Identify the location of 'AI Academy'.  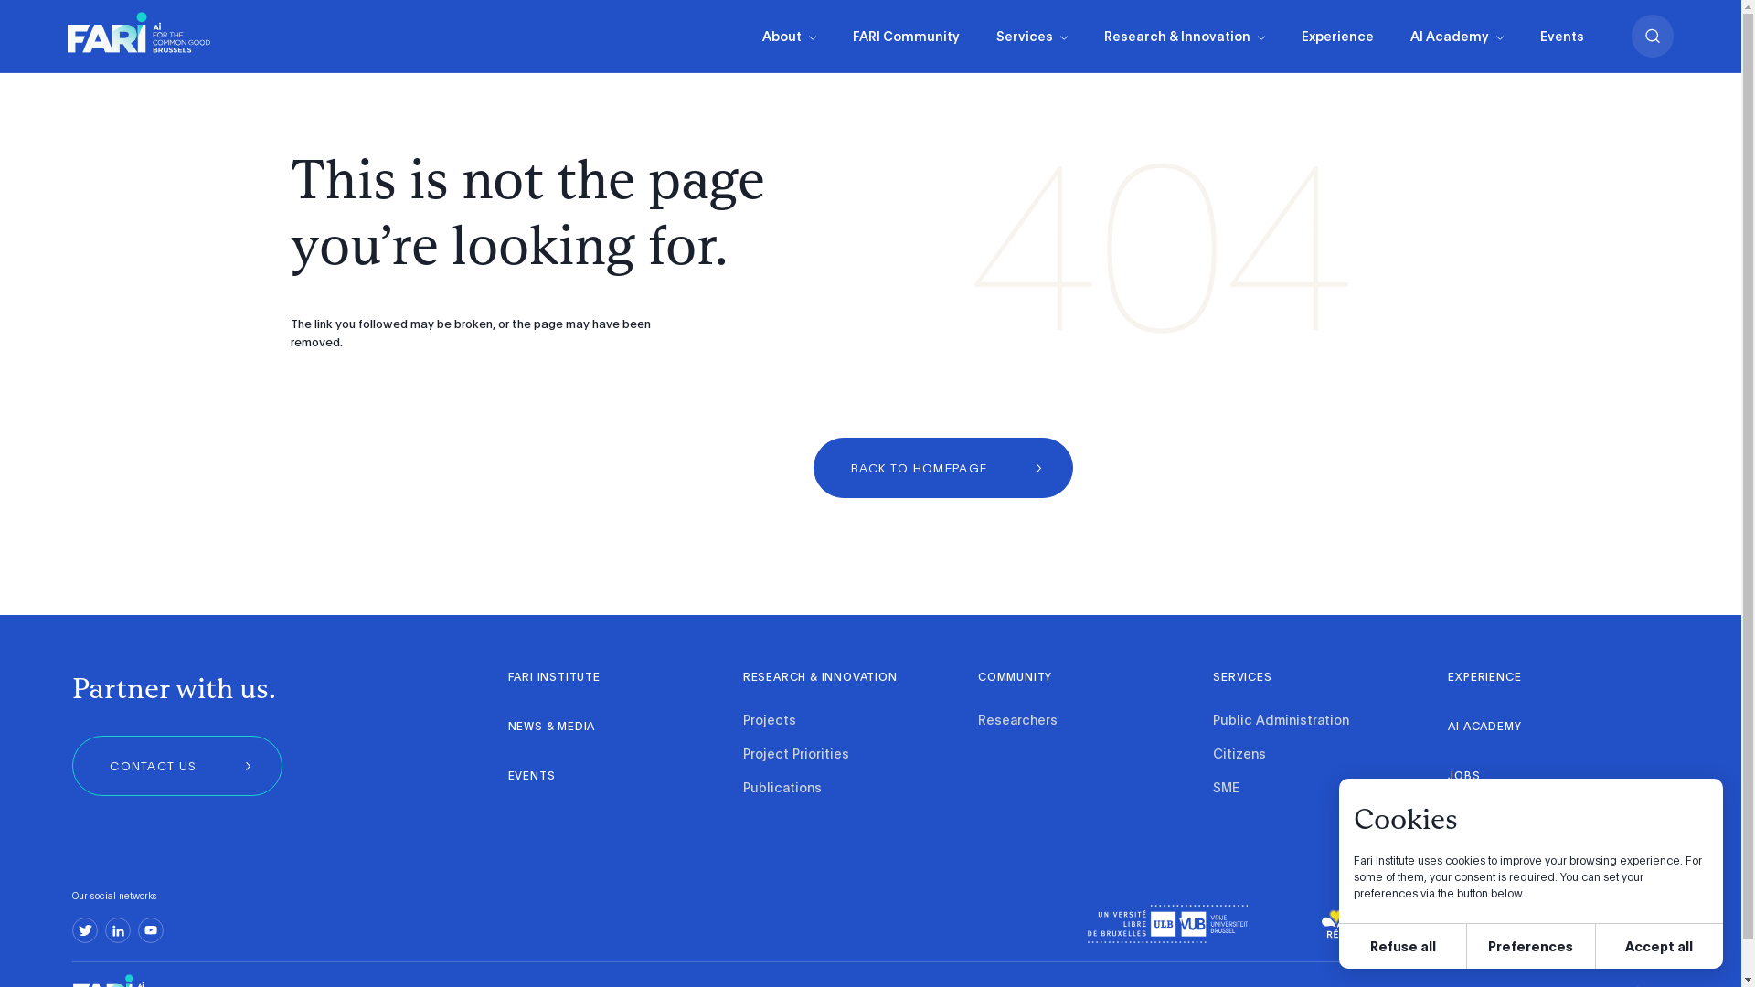
(1455, 36).